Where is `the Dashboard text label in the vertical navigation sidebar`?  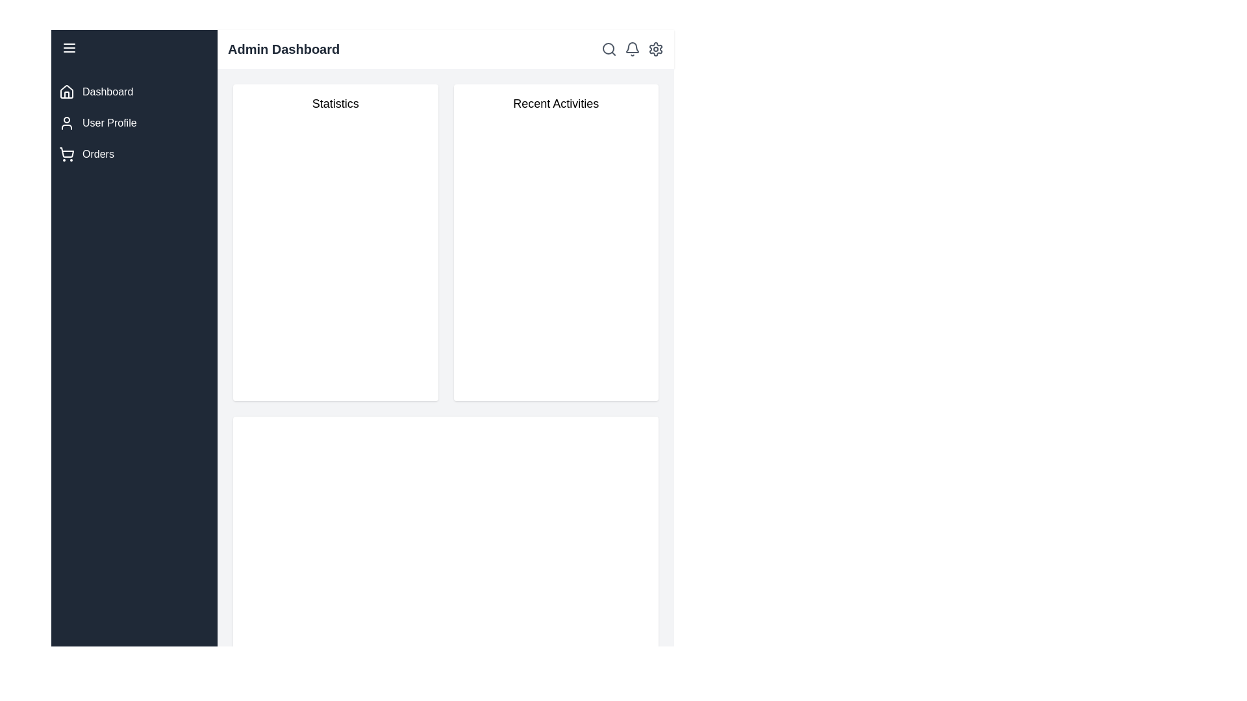
the Dashboard text label in the vertical navigation sidebar is located at coordinates (108, 92).